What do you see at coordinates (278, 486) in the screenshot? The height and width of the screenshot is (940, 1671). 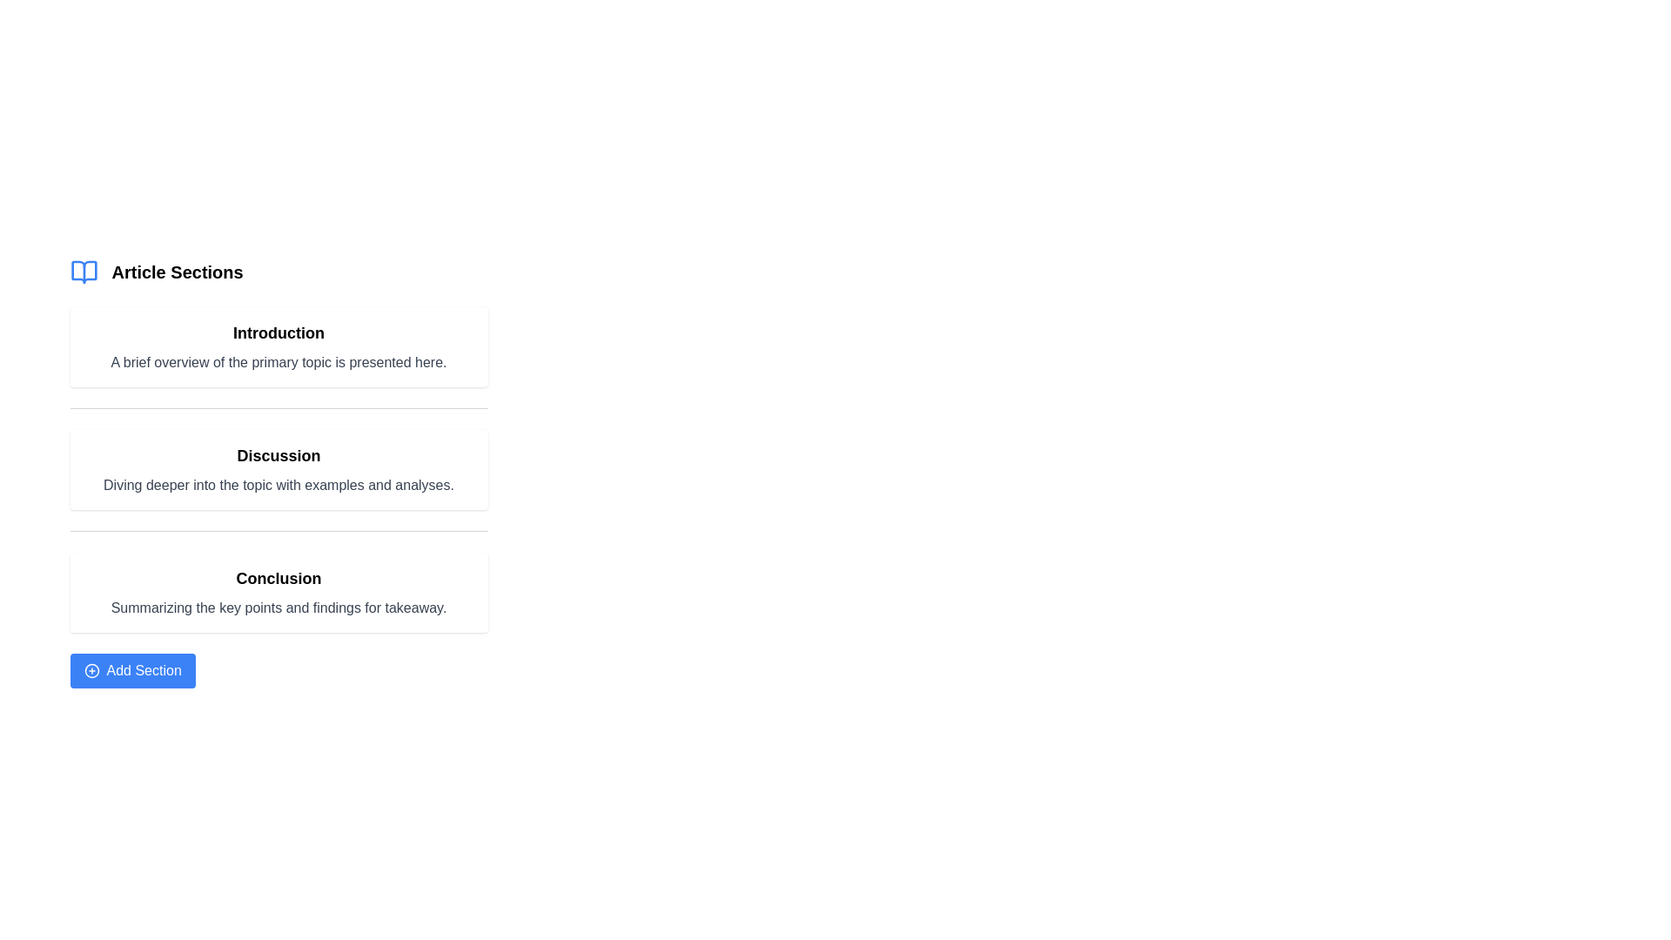 I see `text paragraph styled in gray located beneath the bold title 'Discussion', which contains the content 'Diving deeper into the topic with examples and analyses.'` at bounding box center [278, 486].